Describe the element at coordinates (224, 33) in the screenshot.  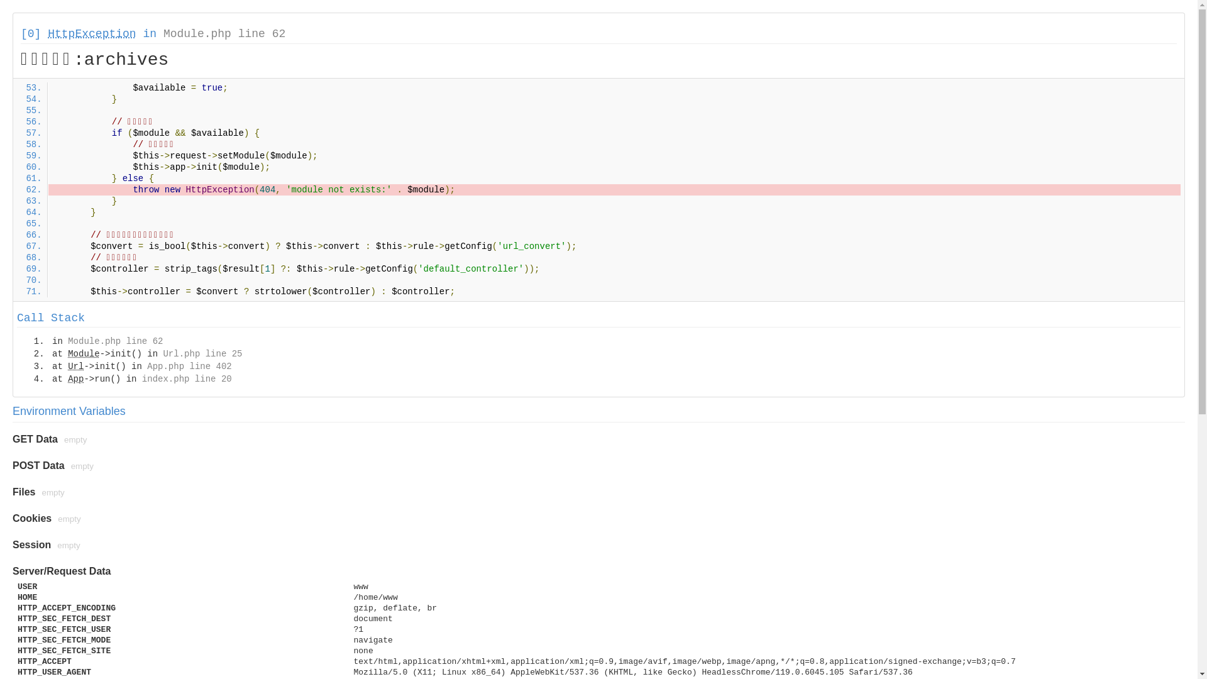
I see `'Module.php line 62'` at that location.